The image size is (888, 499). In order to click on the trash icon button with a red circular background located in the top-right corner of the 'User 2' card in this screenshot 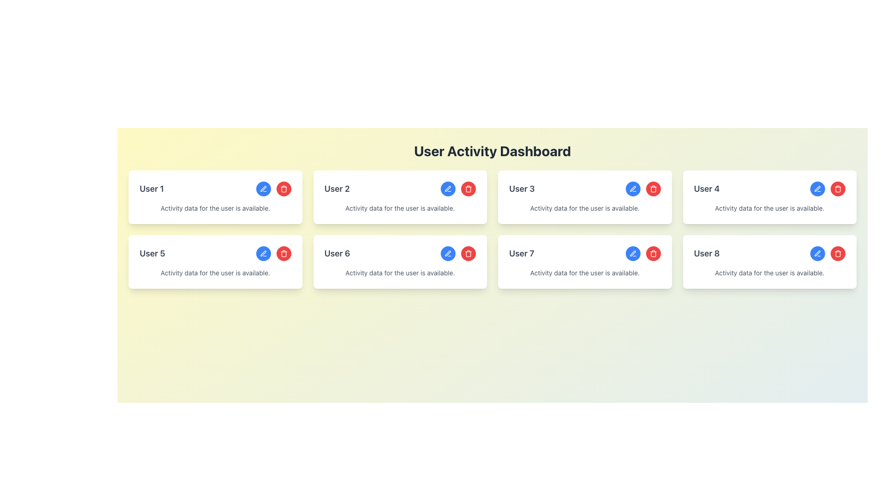, I will do `click(283, 188)`.